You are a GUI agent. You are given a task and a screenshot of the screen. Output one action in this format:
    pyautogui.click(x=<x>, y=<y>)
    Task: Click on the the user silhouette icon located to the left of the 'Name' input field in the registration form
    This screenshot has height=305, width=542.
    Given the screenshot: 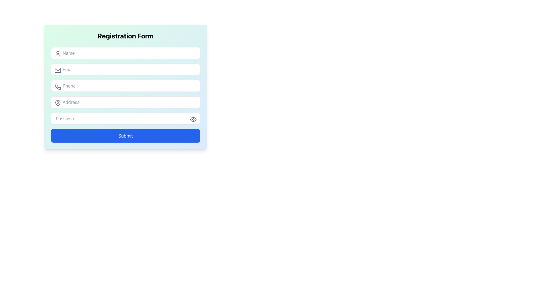 What is the action you would take?
    pyautogui.click(x=58, y=54)
    